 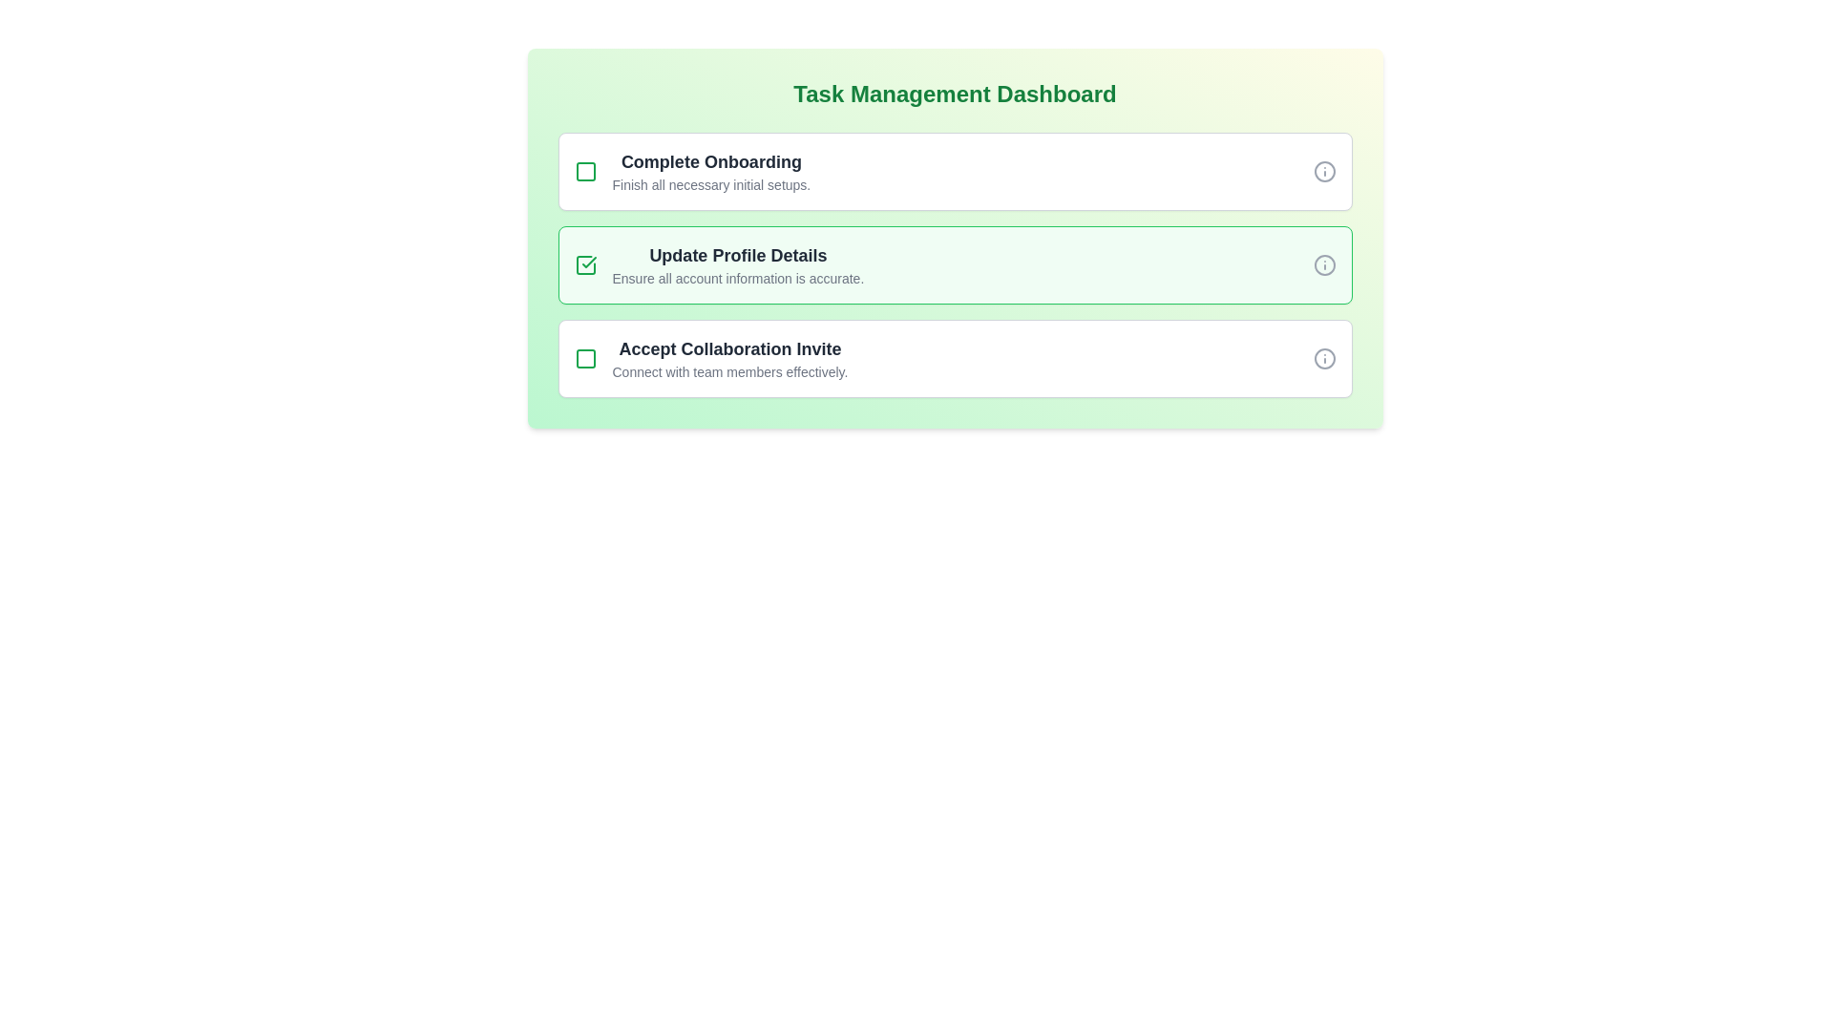 I want to click on the textual content displaying 'Complete Onboarding' and its subtitle 'Finish all necessary initial setups.' in the Task Management Dashboard, so click(x=710, y=172).